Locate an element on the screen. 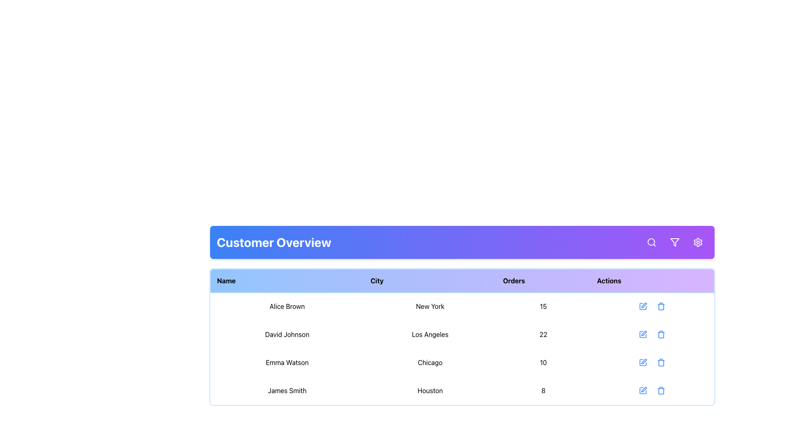 The width and height of the screenshot is (794, 446). the 'Customer Overview' static text header, which is displayed in large, bold, white font against a blue to purple gradient background at the top of the section is located at coordinates (274, 242).